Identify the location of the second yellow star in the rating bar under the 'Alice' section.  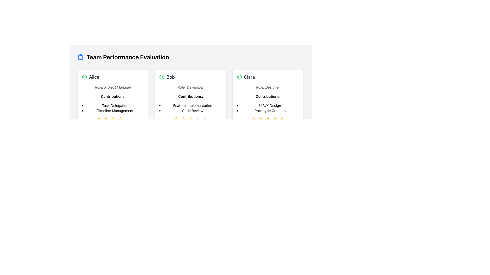
(106, 120).